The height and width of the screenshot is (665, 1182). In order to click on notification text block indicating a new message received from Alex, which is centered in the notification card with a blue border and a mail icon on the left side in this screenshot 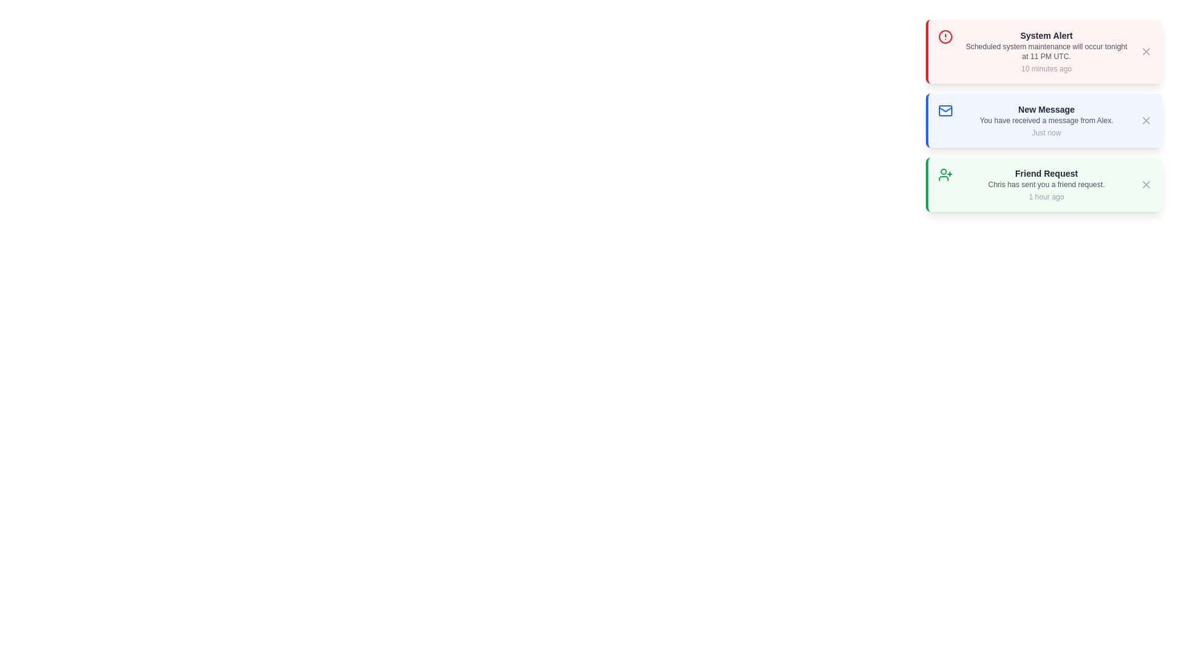, I will do `click(1045, 121)`.